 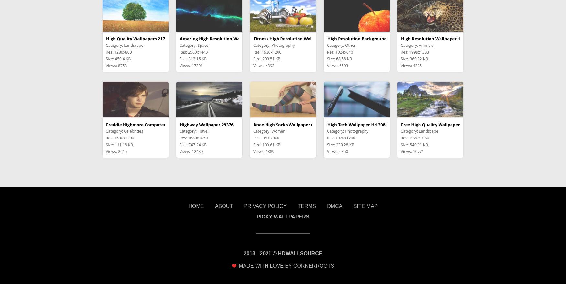 I want to click on 'Views: 8753', so click(x=116, y=65).